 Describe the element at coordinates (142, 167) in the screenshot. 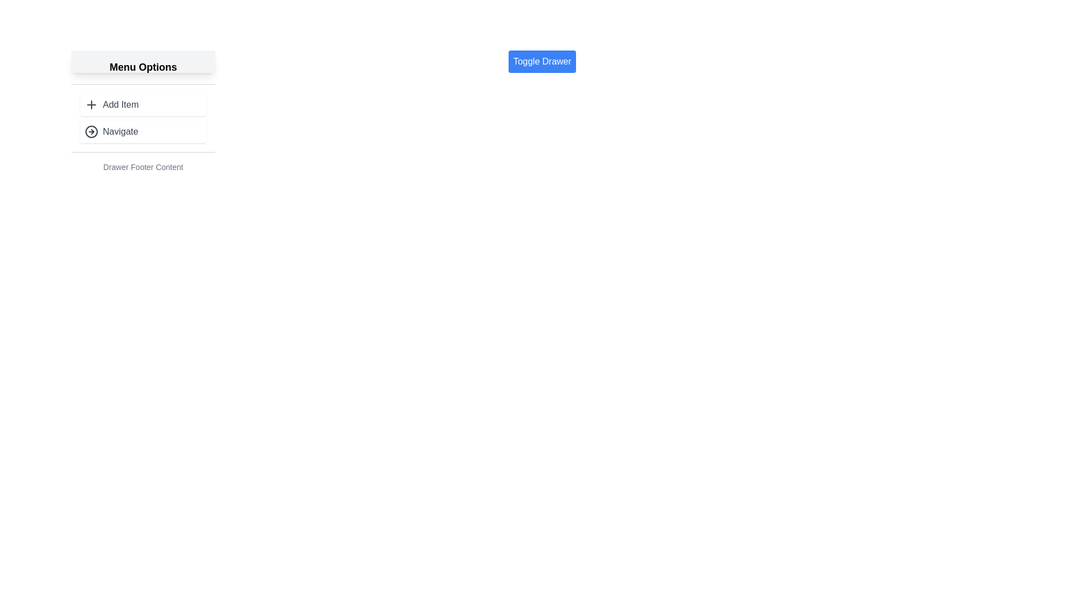

I see `the 'Drawer Footer Content' text` at that location.